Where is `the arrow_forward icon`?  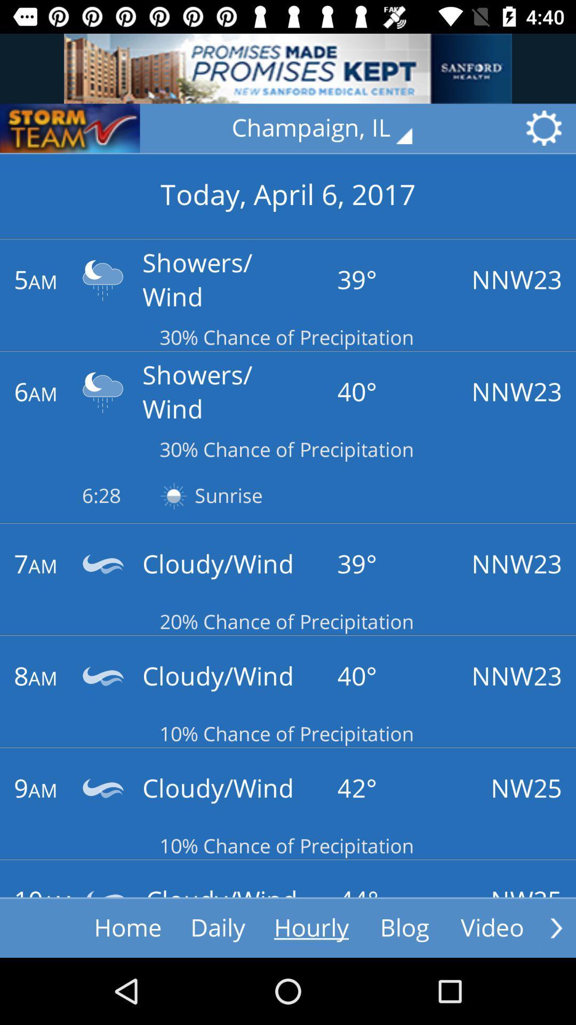
the arrow_forward icon is located at coordinates (556, 927).